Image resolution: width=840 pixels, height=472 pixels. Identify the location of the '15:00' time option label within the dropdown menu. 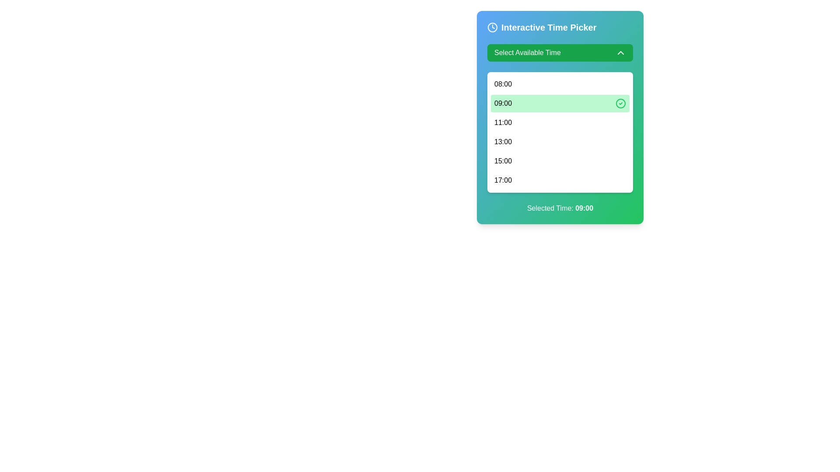
(503, 161).